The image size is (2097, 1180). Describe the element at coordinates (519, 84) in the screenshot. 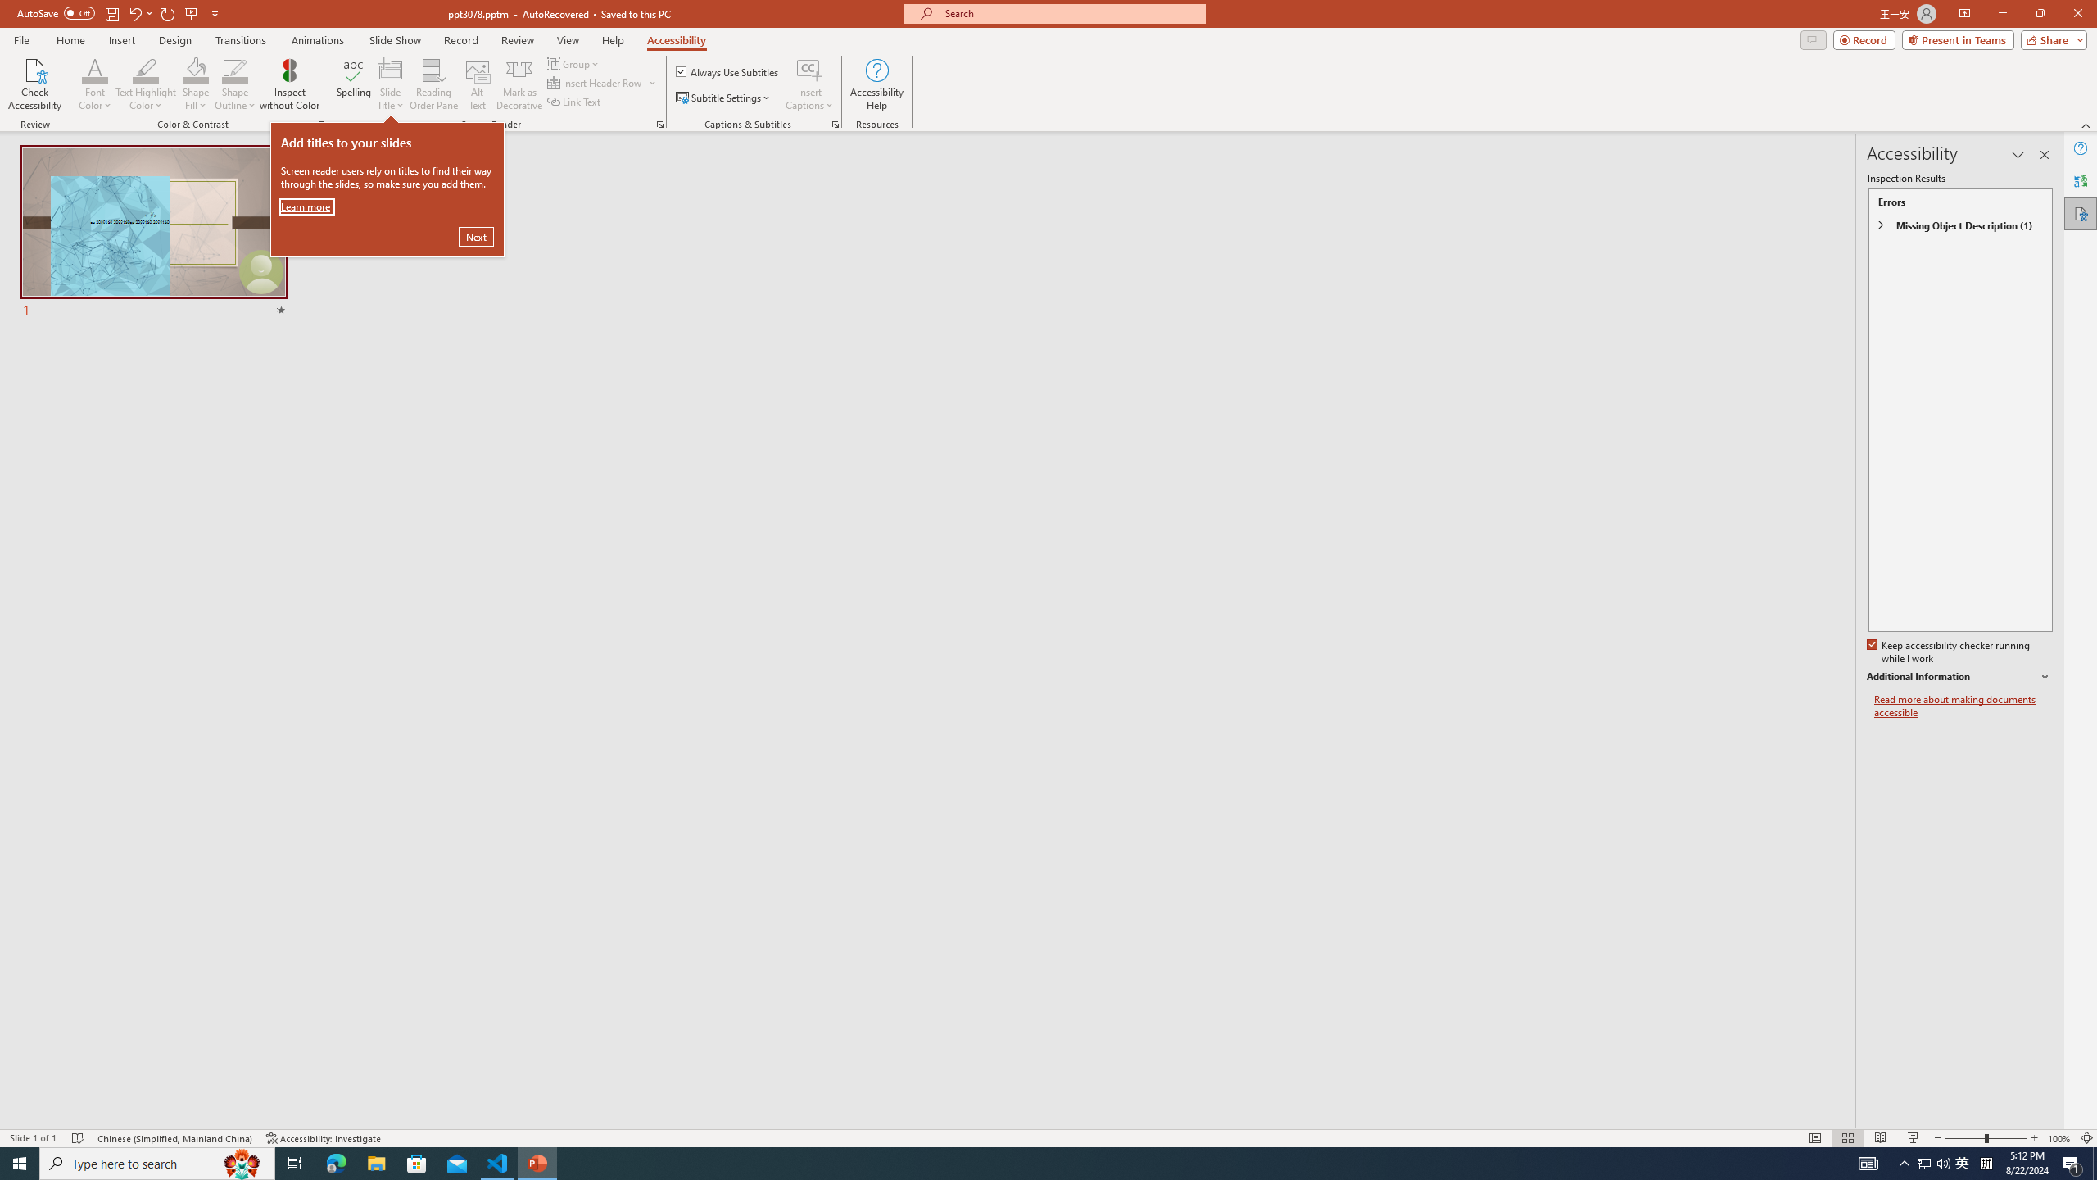

I see `'Mark as Decorative'` at that location.